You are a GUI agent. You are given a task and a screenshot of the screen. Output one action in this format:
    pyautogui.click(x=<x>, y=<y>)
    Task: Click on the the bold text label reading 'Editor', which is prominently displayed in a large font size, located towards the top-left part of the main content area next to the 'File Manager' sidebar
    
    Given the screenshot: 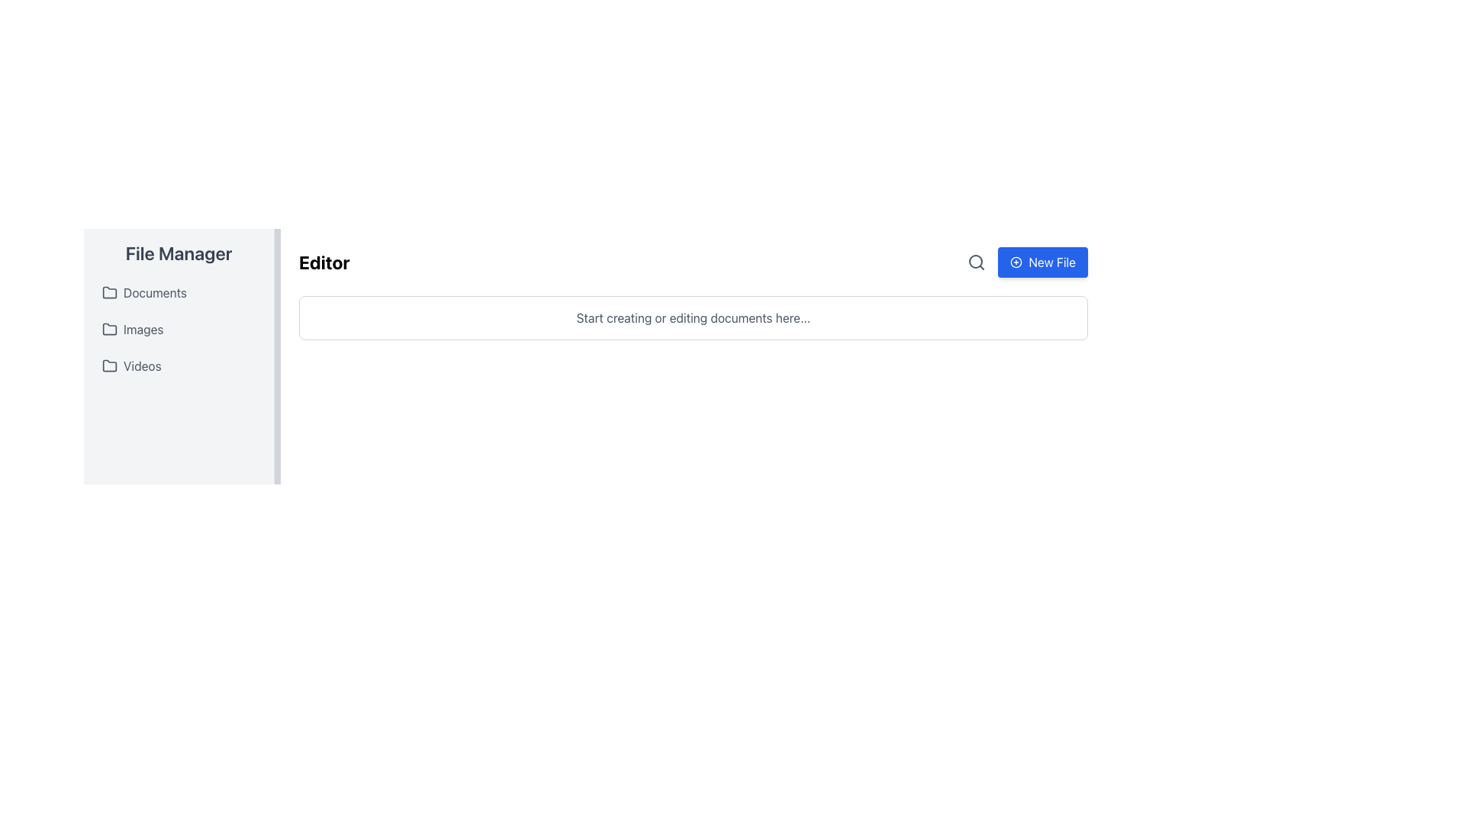 What is the action you would take?
    pyautogui.click(x=324, y=261)
    